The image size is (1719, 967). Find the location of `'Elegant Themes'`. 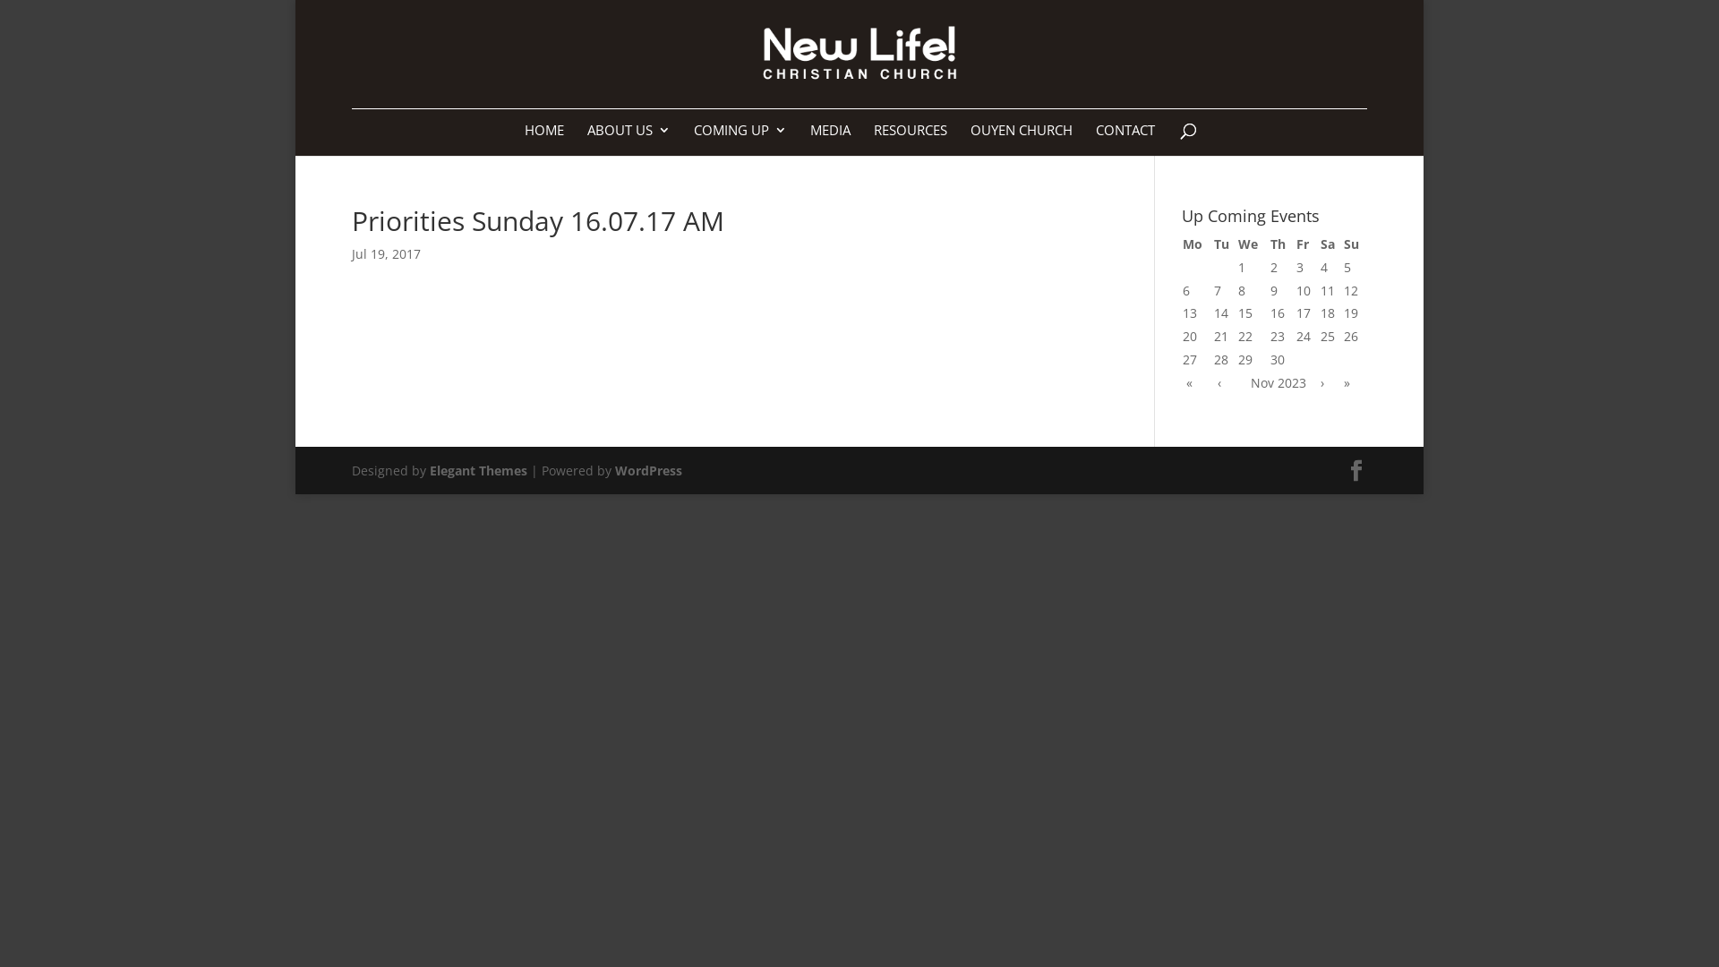

'Elegant Themes' is located at coordinates (478, 469).